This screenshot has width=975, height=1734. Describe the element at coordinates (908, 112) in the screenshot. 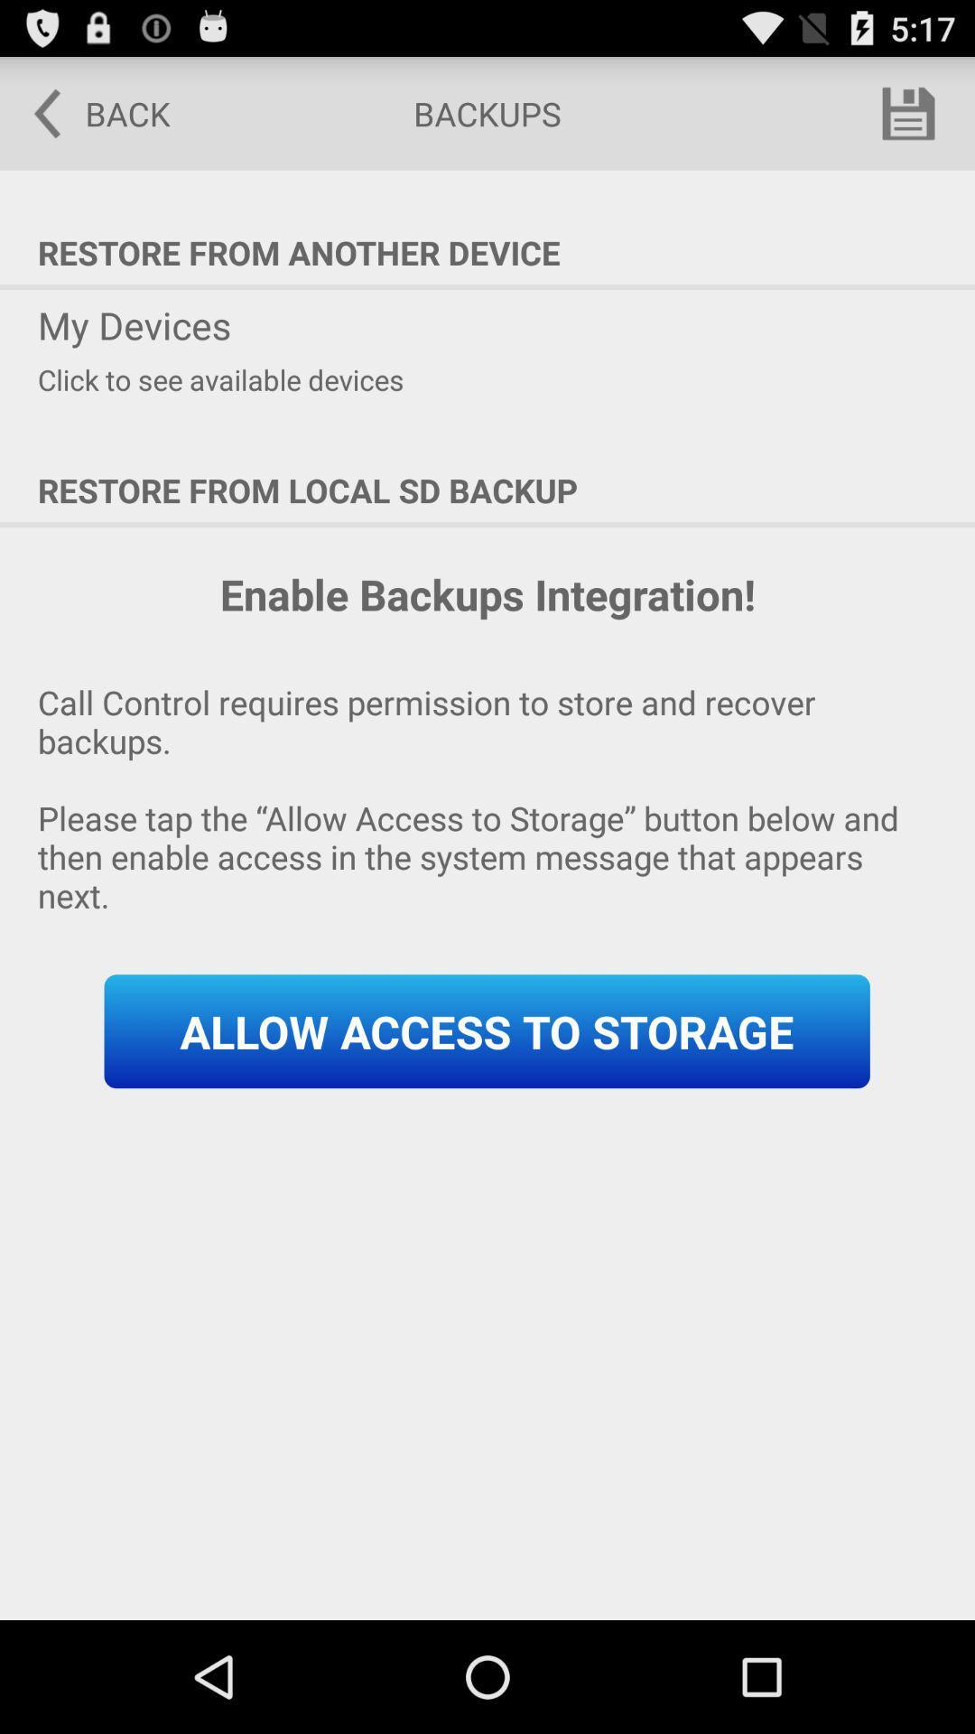

I see `bookmark` at that location.